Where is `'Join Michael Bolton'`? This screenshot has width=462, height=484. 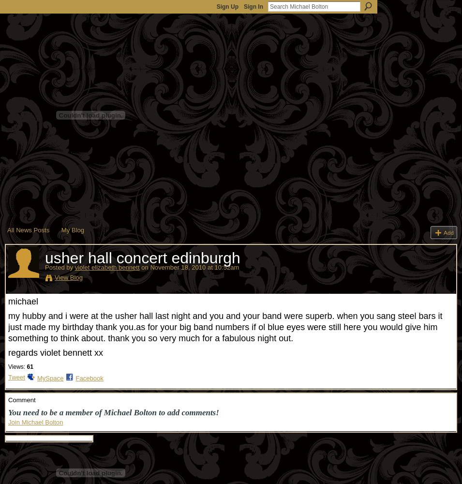 'Join Michael Bolton' is located at coordinates (7, 421).